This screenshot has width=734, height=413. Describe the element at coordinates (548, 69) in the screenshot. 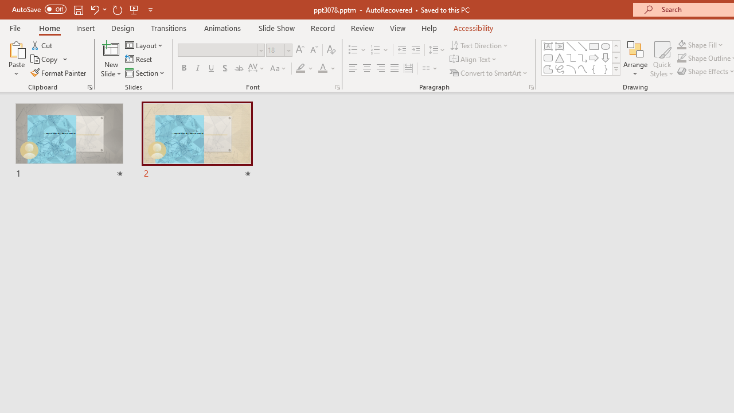

I see `'Freeform: Shape'` at that location.